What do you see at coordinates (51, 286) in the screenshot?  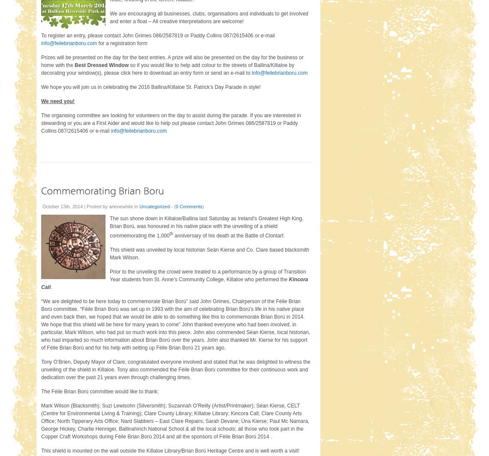 I see `'.'` at bounding box center [51, 286].